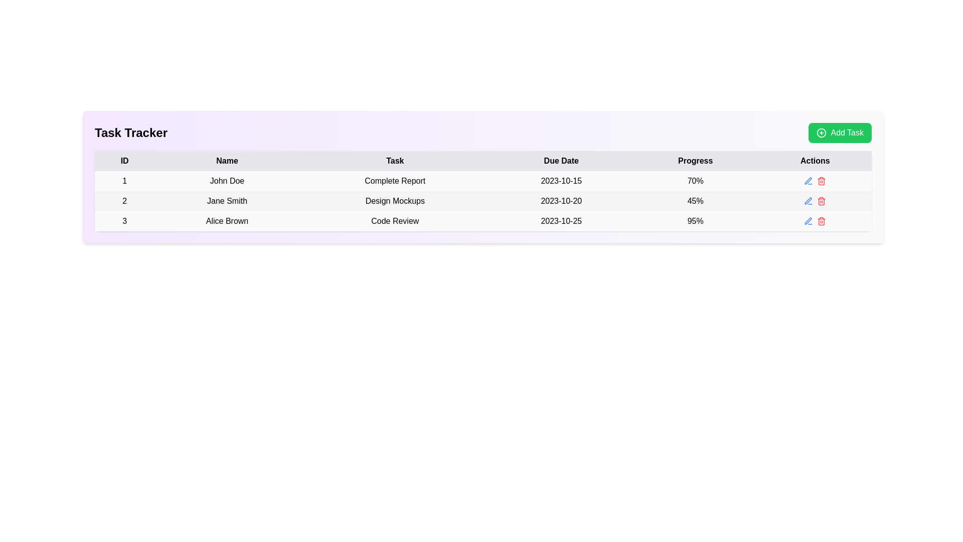 This screenshot has width=963, height=542. Describe the element at coordinates (695, 201) in the screenshot. I see `the Text Label that displays the progress percentage of the task 'Design Mockups' in the 'Progress' column of the task tracker table` at that location.